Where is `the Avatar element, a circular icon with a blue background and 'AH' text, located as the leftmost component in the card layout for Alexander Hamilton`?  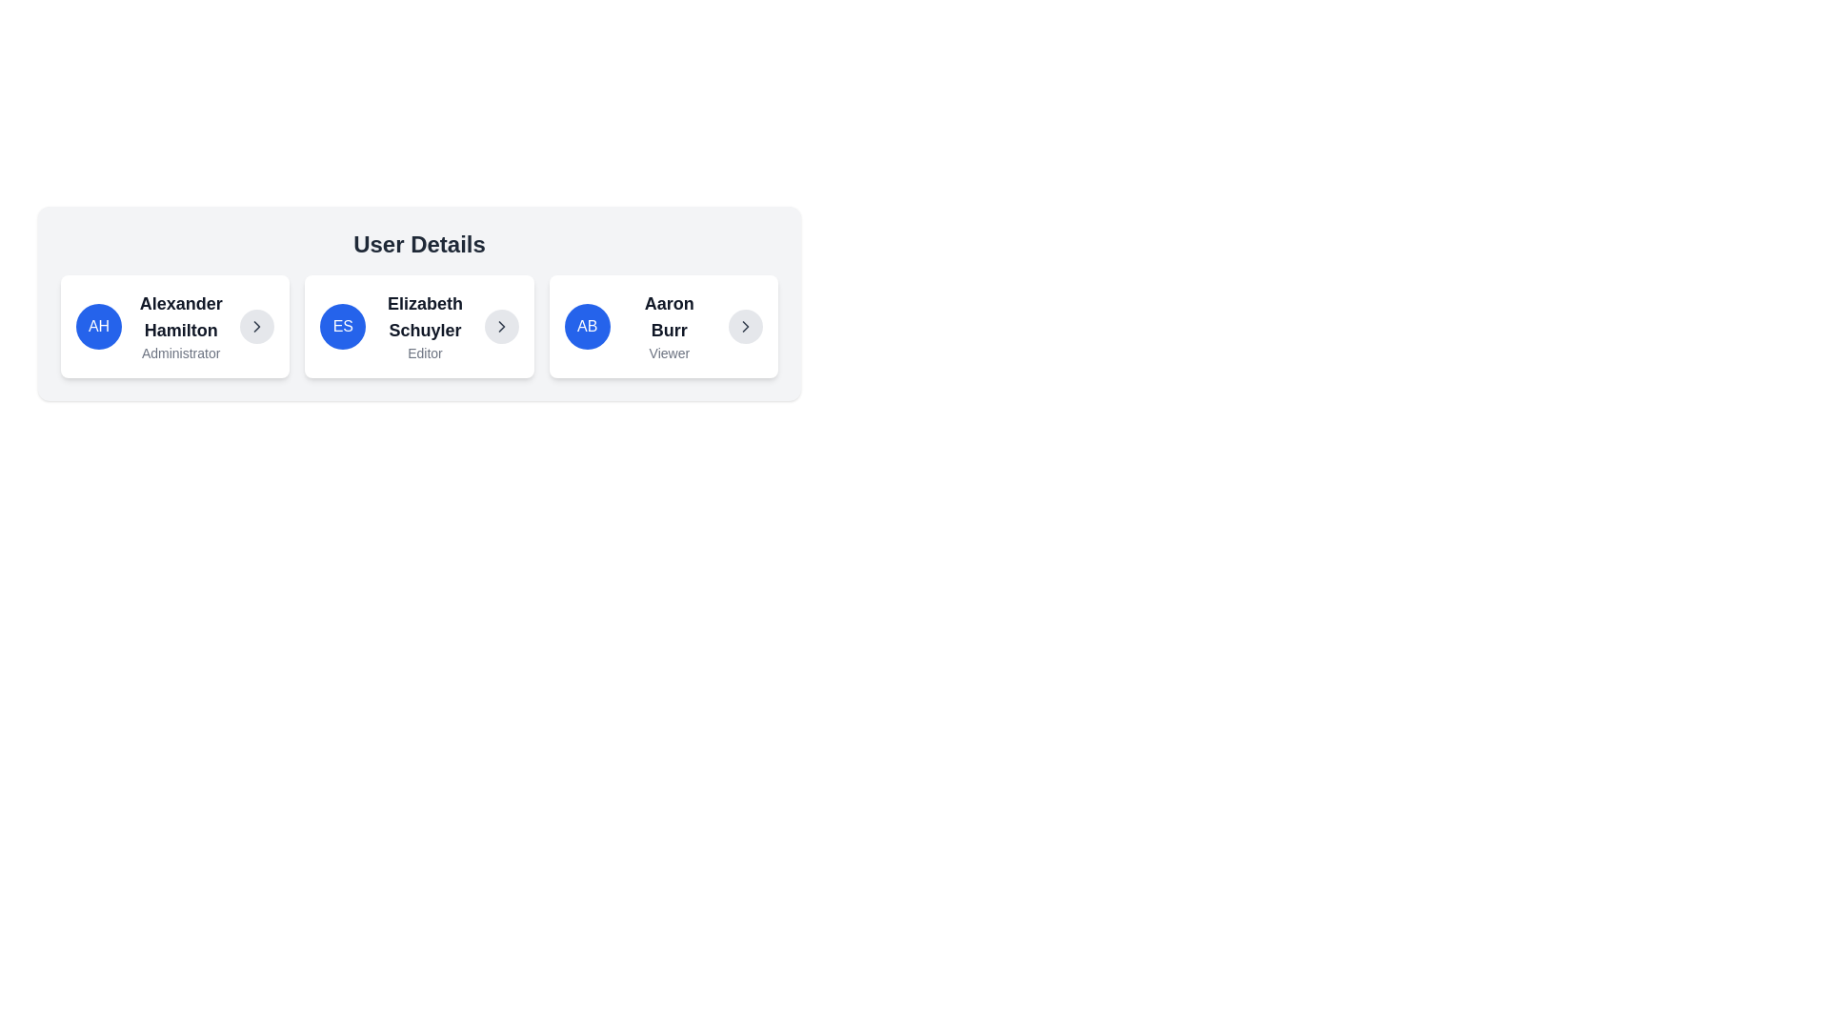 the Avatar element, a circular icon with a blue background and 'AH' text, located as the leftmost component in the card layout for Alexander Hamilton is located at coordinates (98, 326).